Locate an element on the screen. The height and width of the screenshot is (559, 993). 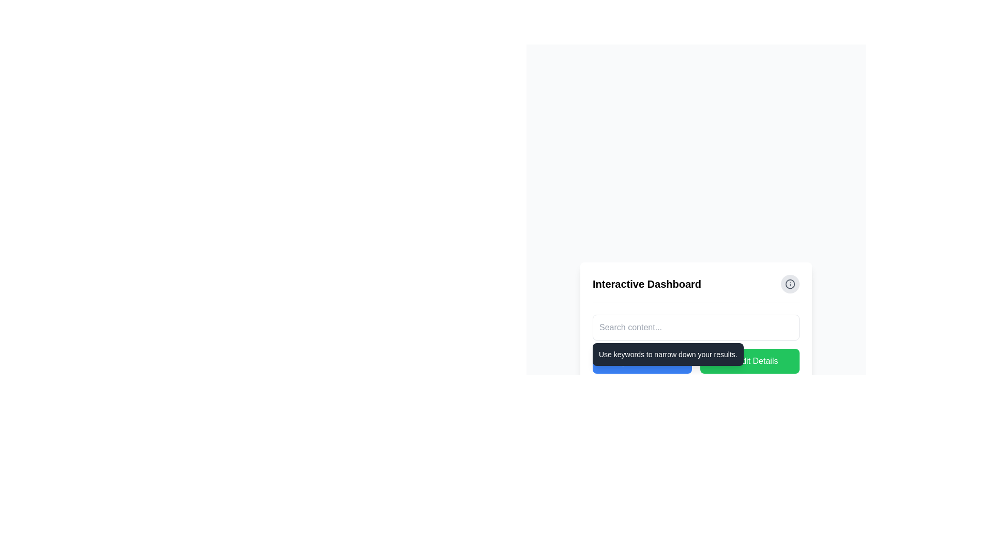
the tooltip that provides guidance on the search functionality, located above the 'Add Data' button is located at coordinates (696, 360).